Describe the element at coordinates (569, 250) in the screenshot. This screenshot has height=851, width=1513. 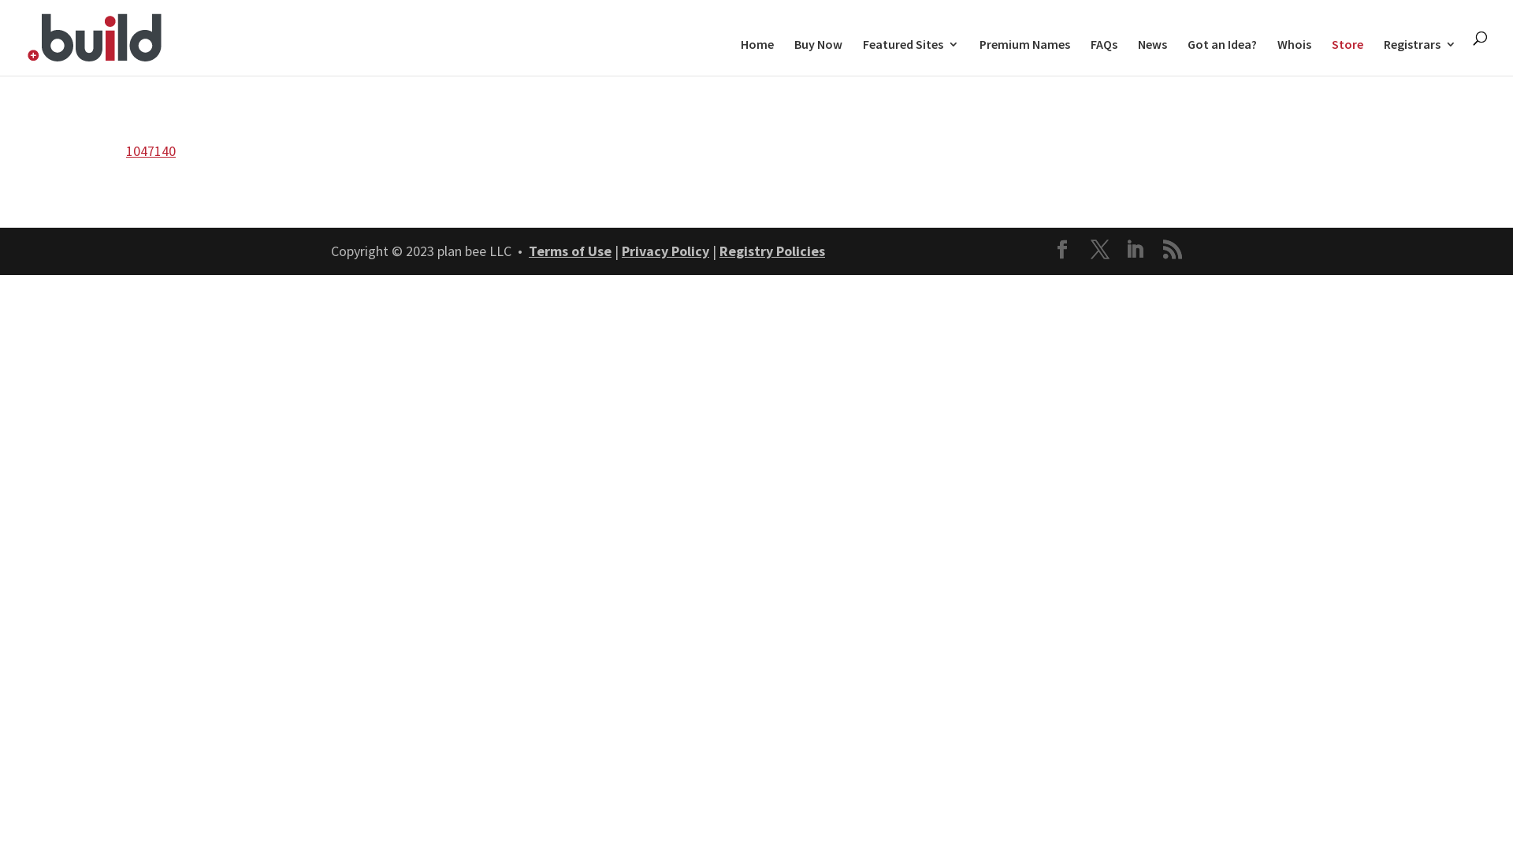
I see `'Terms of Use'` at that location.